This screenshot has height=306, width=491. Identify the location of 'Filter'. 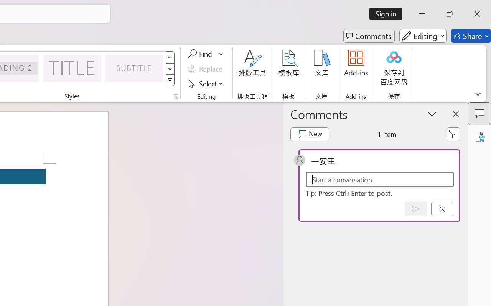
(453, 134).